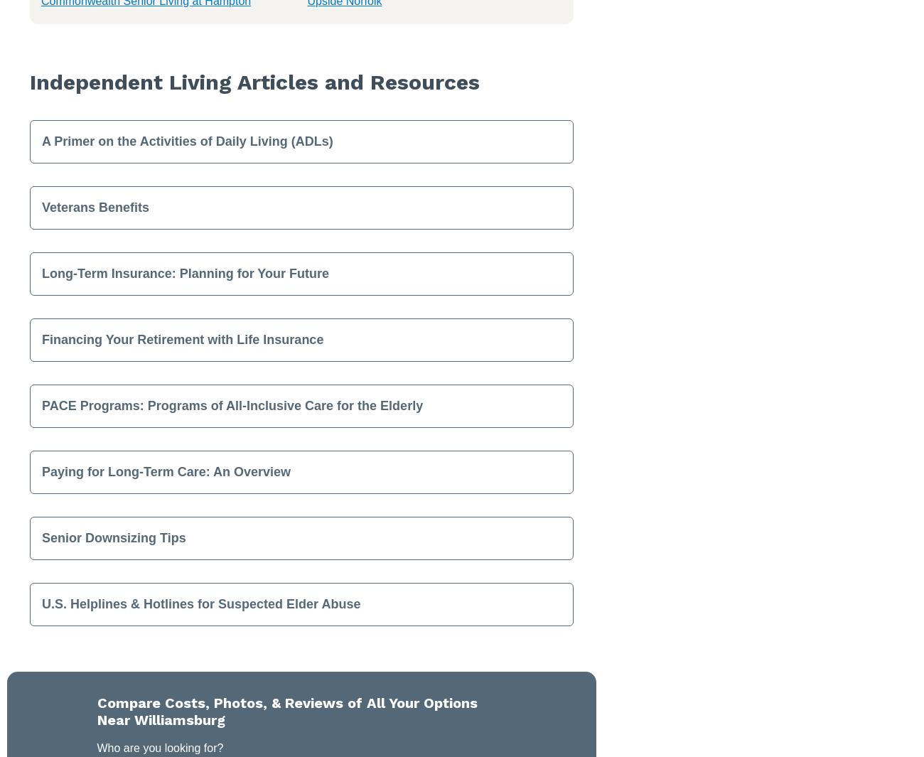 The width and height of the screenshot is (924, 757). Describe the element at coordinates (186, 139) in the screenshot. I see `'A Primer on the Activities of Daily Living (ADLs)'` at that location.